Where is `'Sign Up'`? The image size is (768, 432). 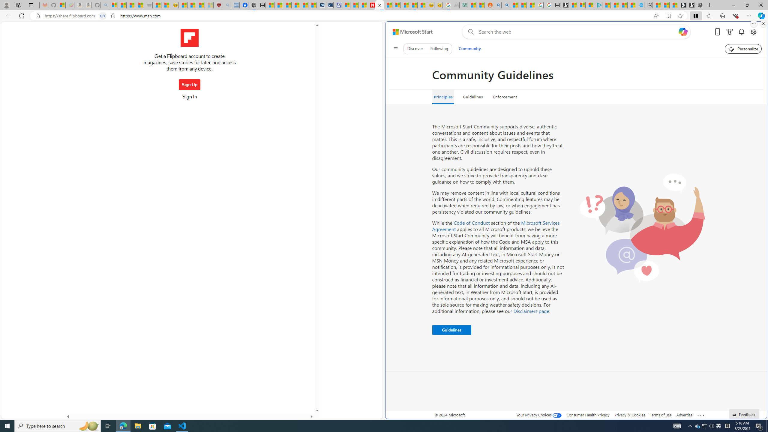 'Sign Up' is located at coordinates (189, 84).